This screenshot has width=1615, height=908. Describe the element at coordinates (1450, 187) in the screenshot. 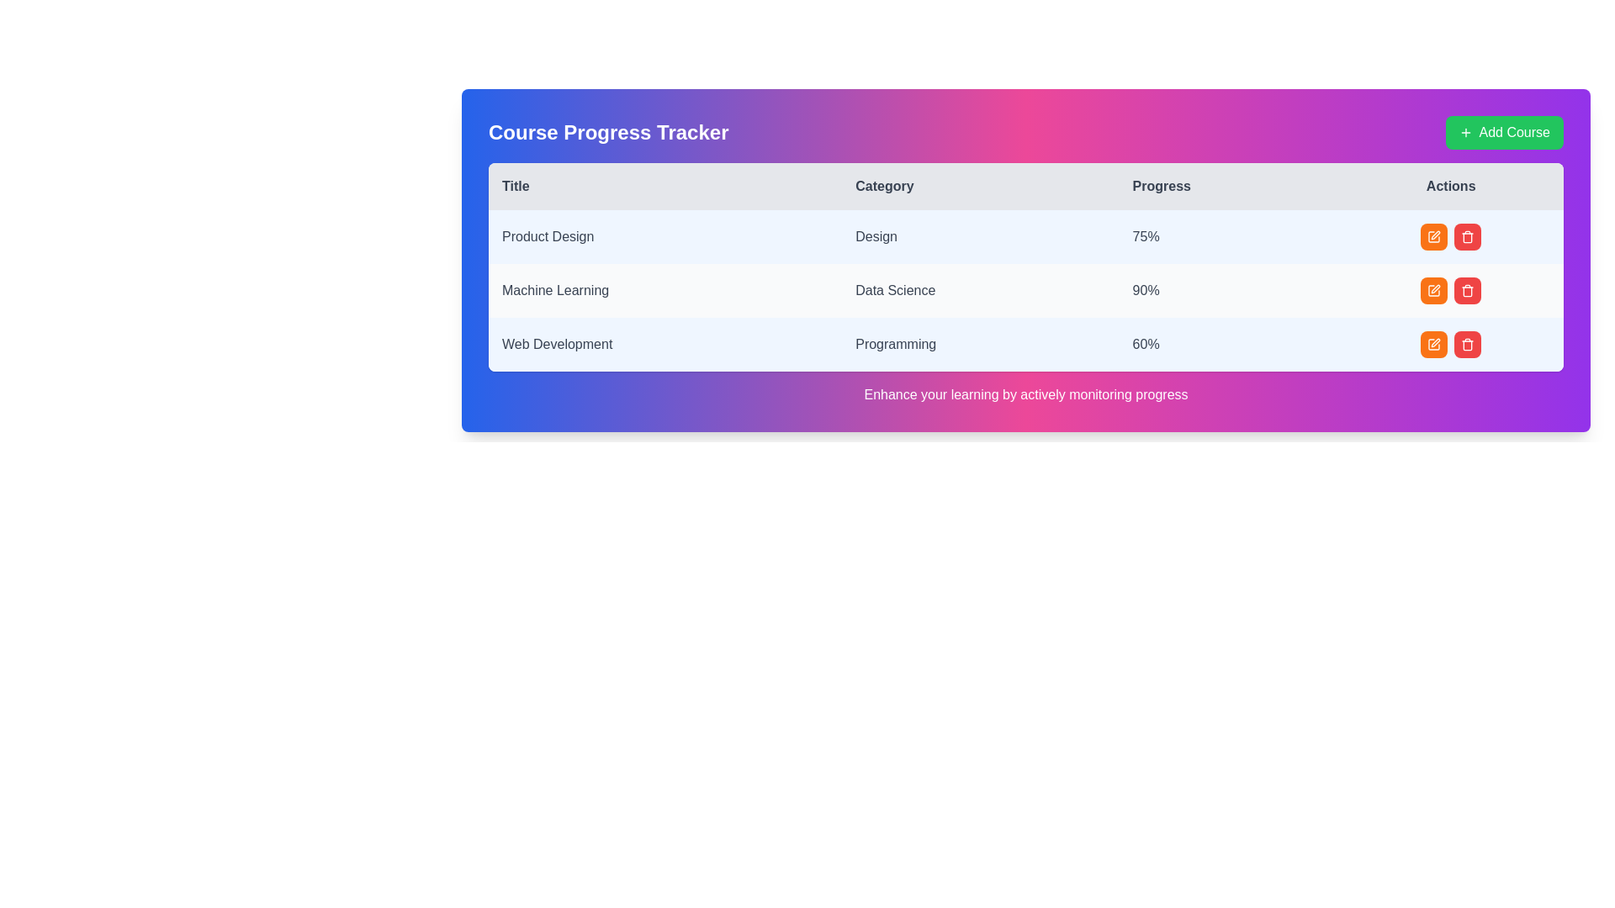

I see `the 'Actions' text label located in the fourth column header of the table, which is displayed in dark font on a light gray background` at that location.